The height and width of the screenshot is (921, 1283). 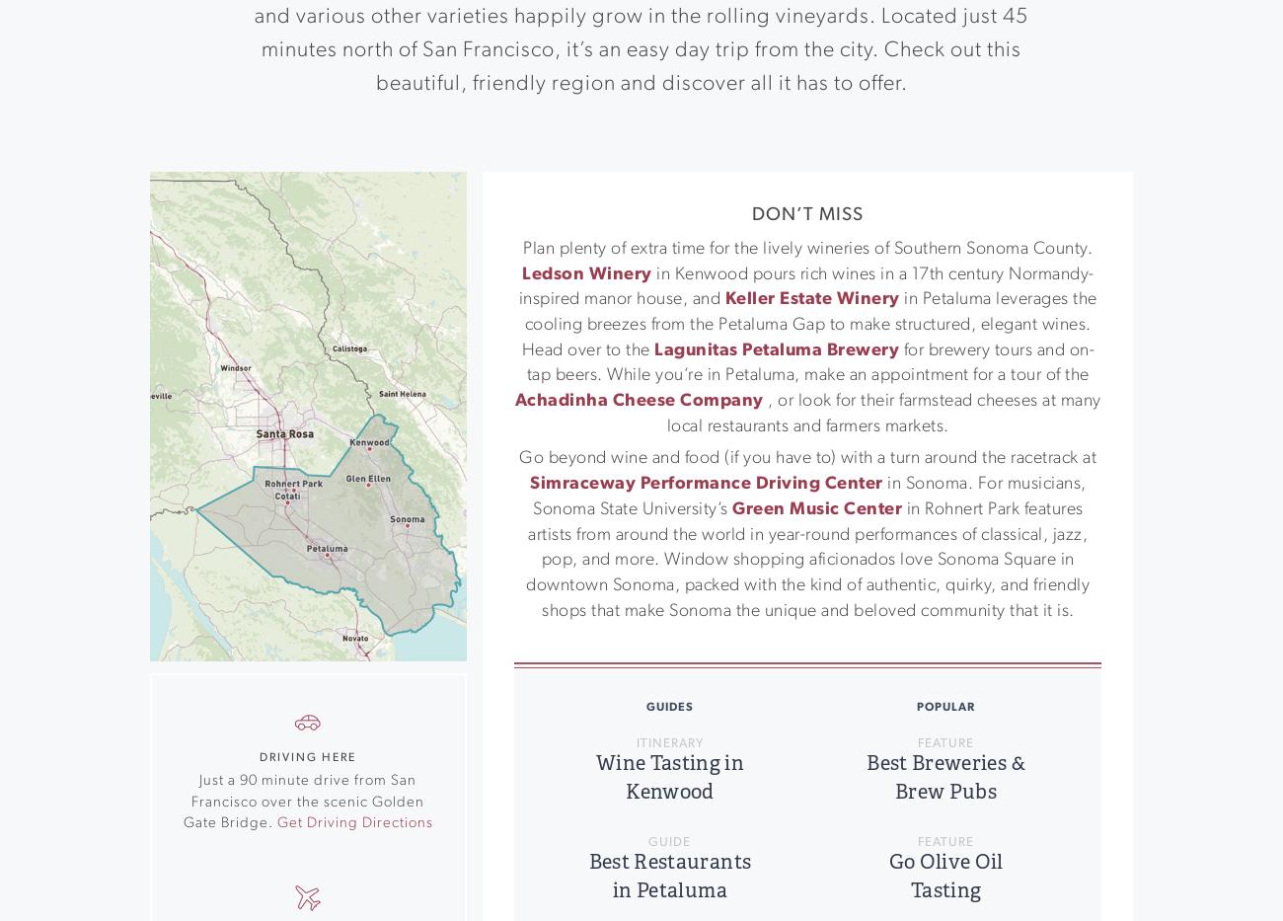 I want to click on 'Located one hour north of San Francisco, family-friendly Rohnert Park is in Southern Sonoma County. The town is home to diverse culinary offerings, boutique shops and galleries, and an assortment of fun-loving activities for the whole family.', so click(x=160, y=100).